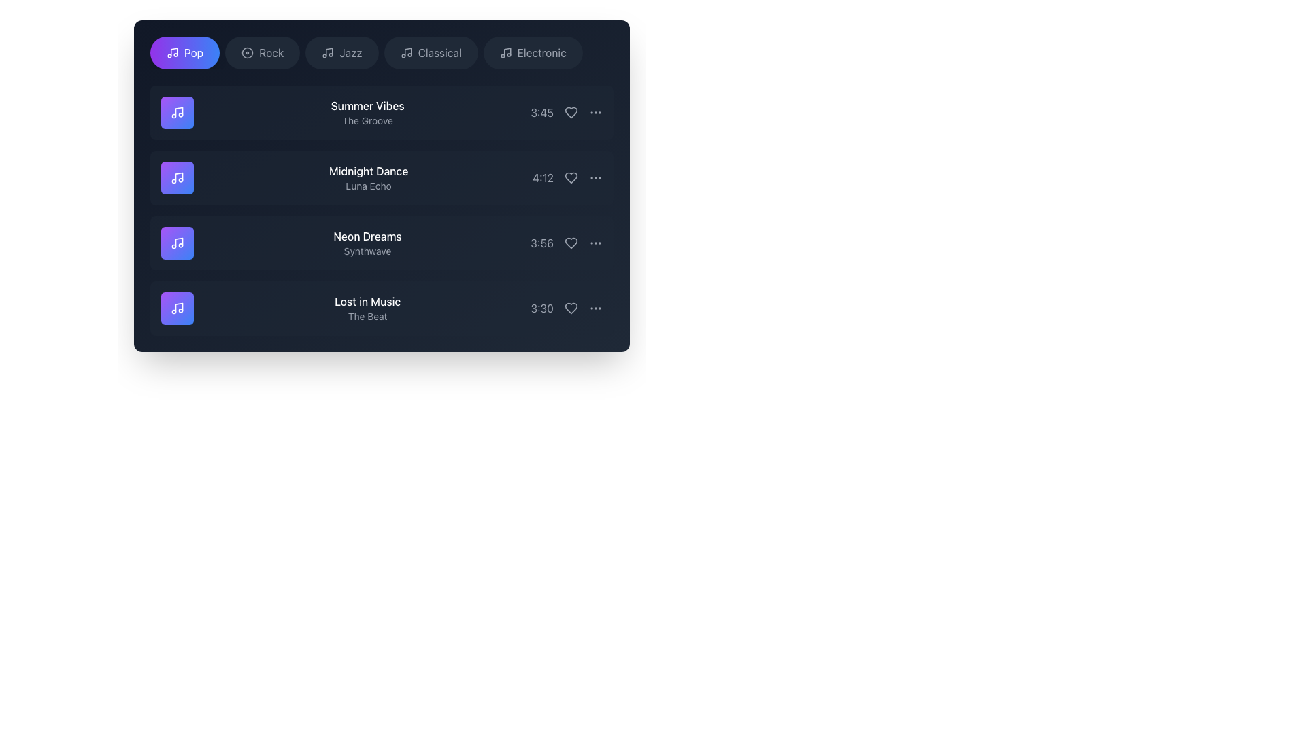 Image resolution: width=1306 pixels, height=734 pixels. What do you see at coordinates (178, 307) in the screenshot?
I see `the stylized music note icon located in the fourth row of the vertical list, associated with the 'Lost in Music' label, which is part of a purple square icon` at bounding box center [178, 307].